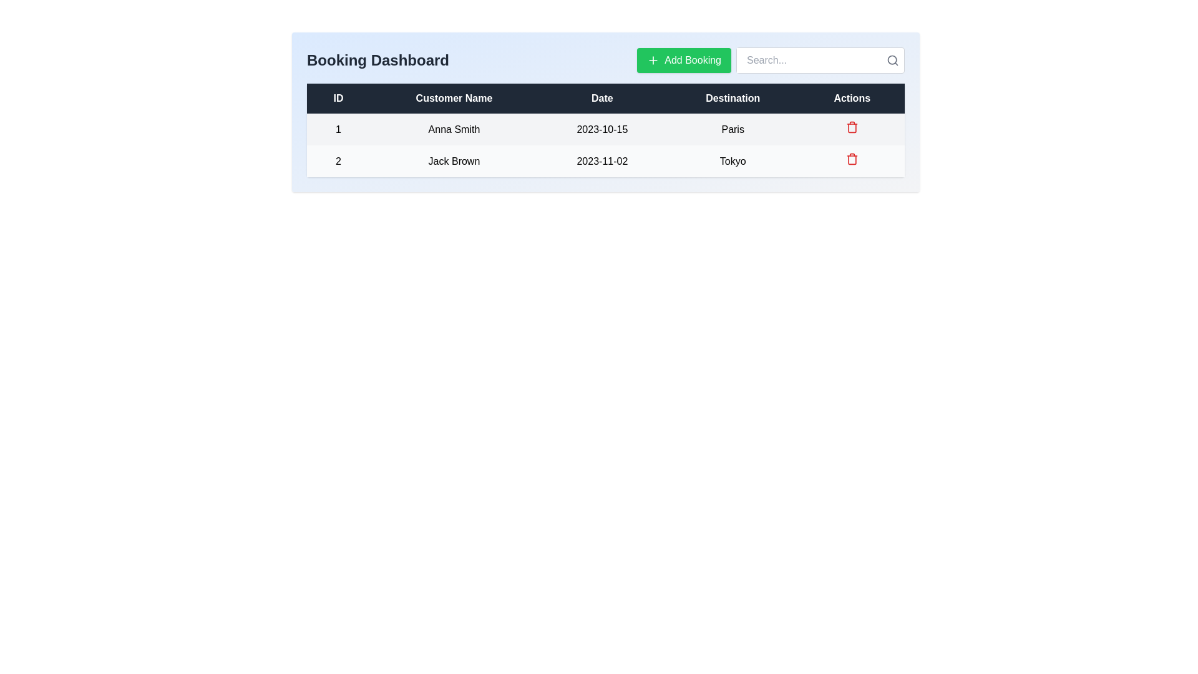 The image size is (1198, 674). I want to click on the SVG Icon located on the left side of the 'Add Booking' button to initiate the booking process, so click(653, 60).